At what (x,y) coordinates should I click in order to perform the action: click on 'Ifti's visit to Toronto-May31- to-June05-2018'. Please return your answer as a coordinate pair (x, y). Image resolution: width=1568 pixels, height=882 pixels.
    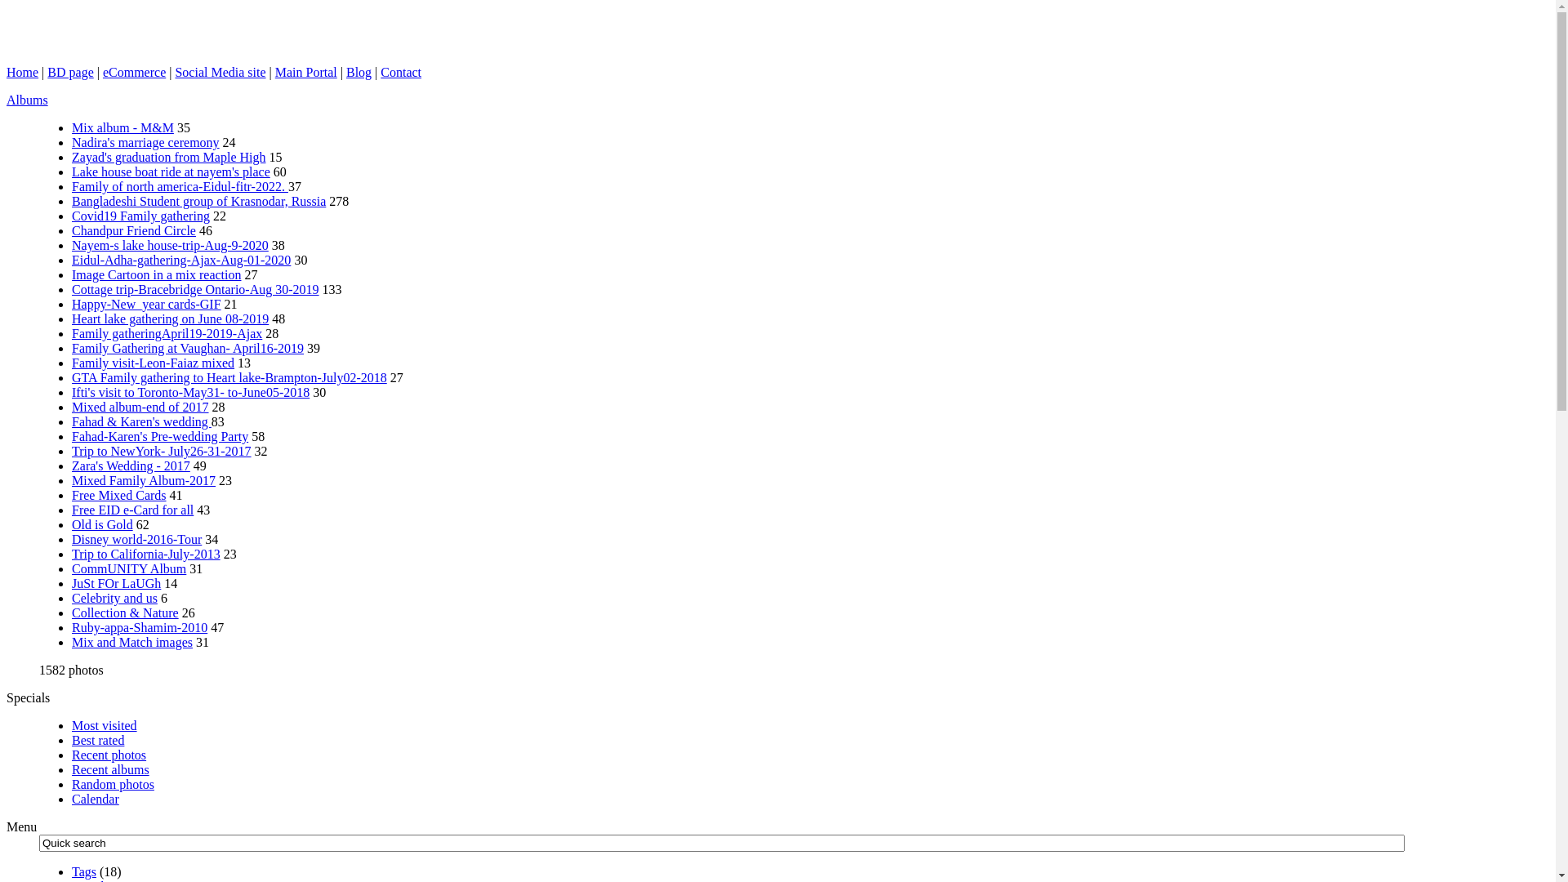
    Looking at the image, I should click on (190, 392).